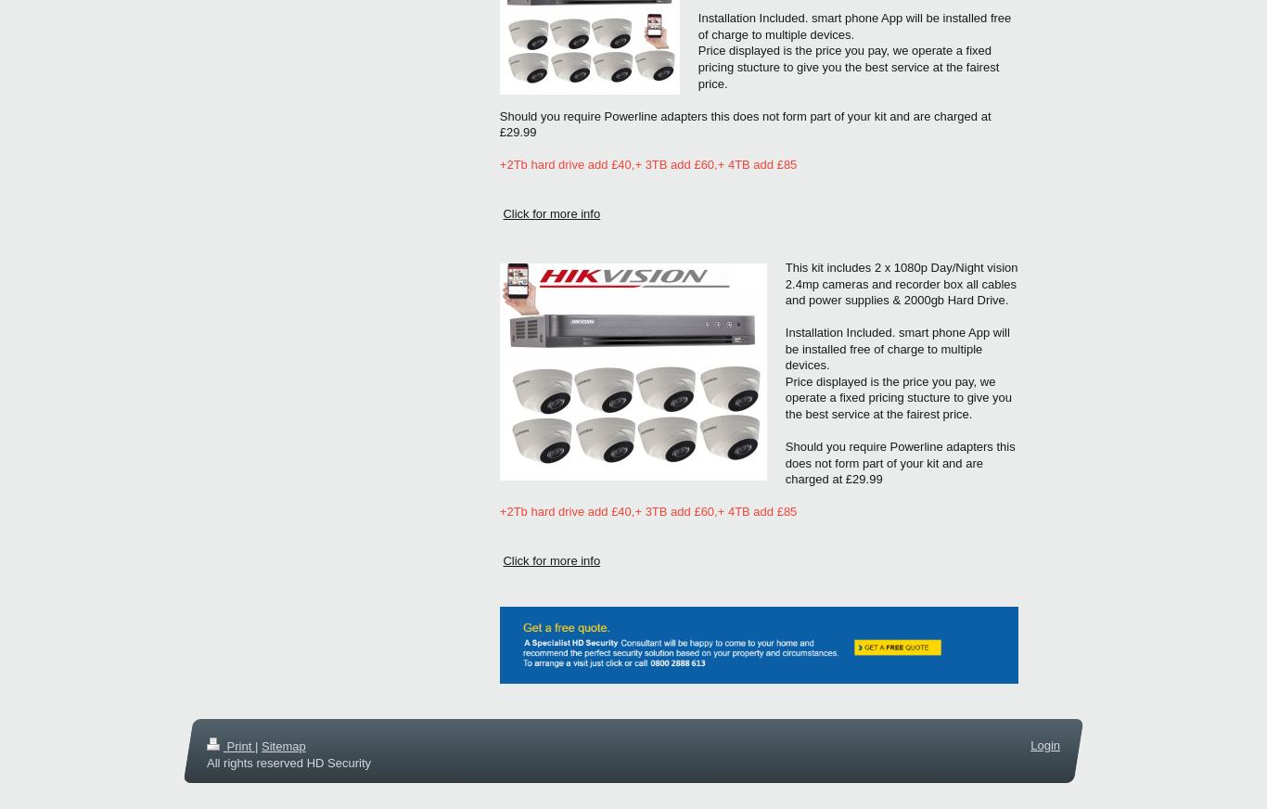  What do you see at coordinates (283, 745) in the screenshot?
I see `'Sitemap'` at bounding box center [283, 745].